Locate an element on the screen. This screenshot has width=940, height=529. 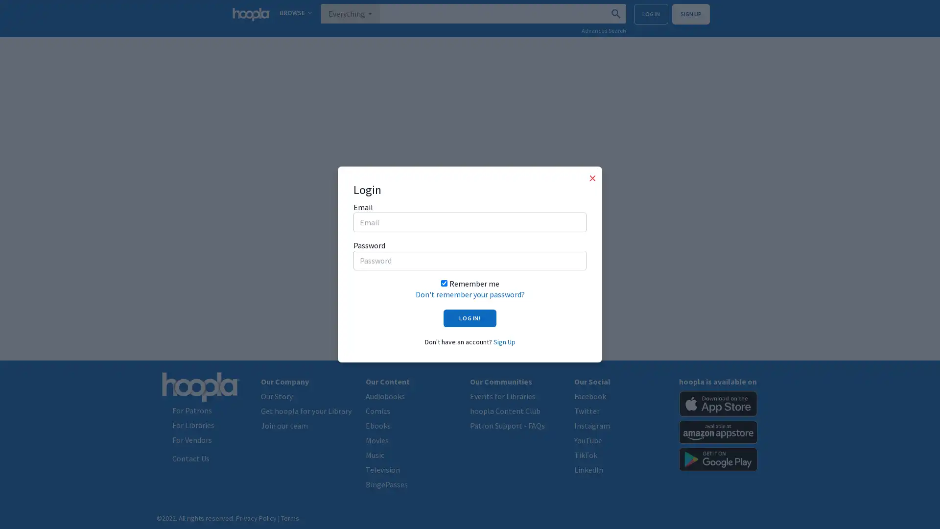
Close is located at coordinates (592, 177).